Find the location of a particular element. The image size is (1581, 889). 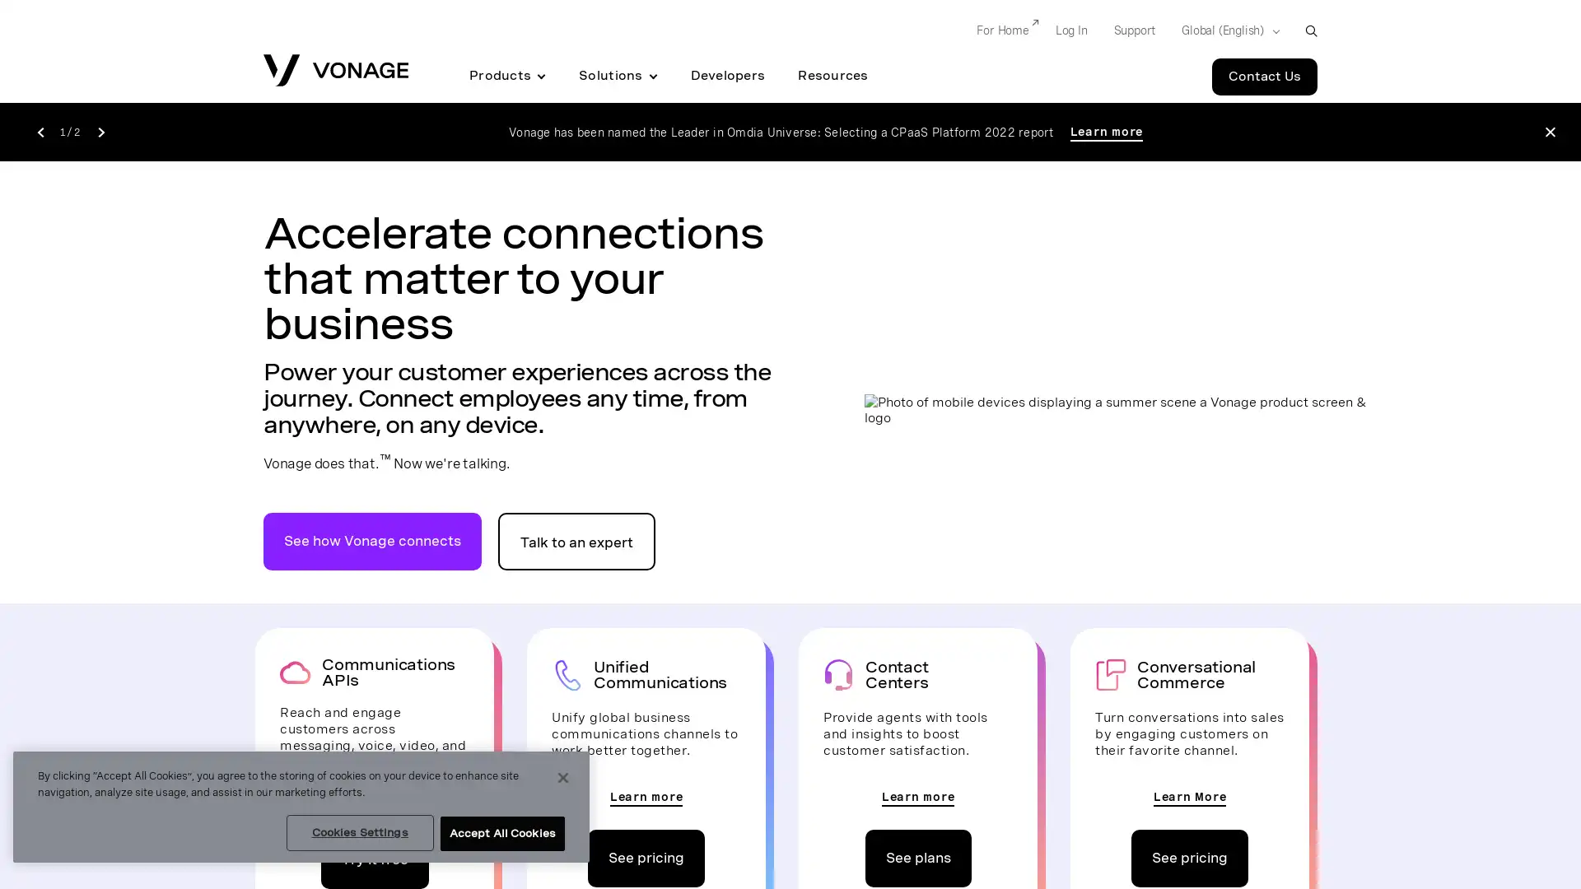

Accept All Cookies is located at coordinates (501, 834).